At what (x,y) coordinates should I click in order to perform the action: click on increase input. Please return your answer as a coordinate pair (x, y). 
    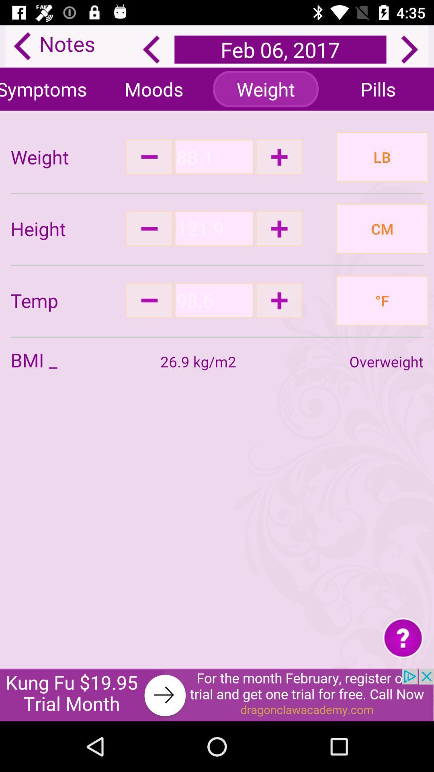
    Looking at the image, I should click on (278, 228).